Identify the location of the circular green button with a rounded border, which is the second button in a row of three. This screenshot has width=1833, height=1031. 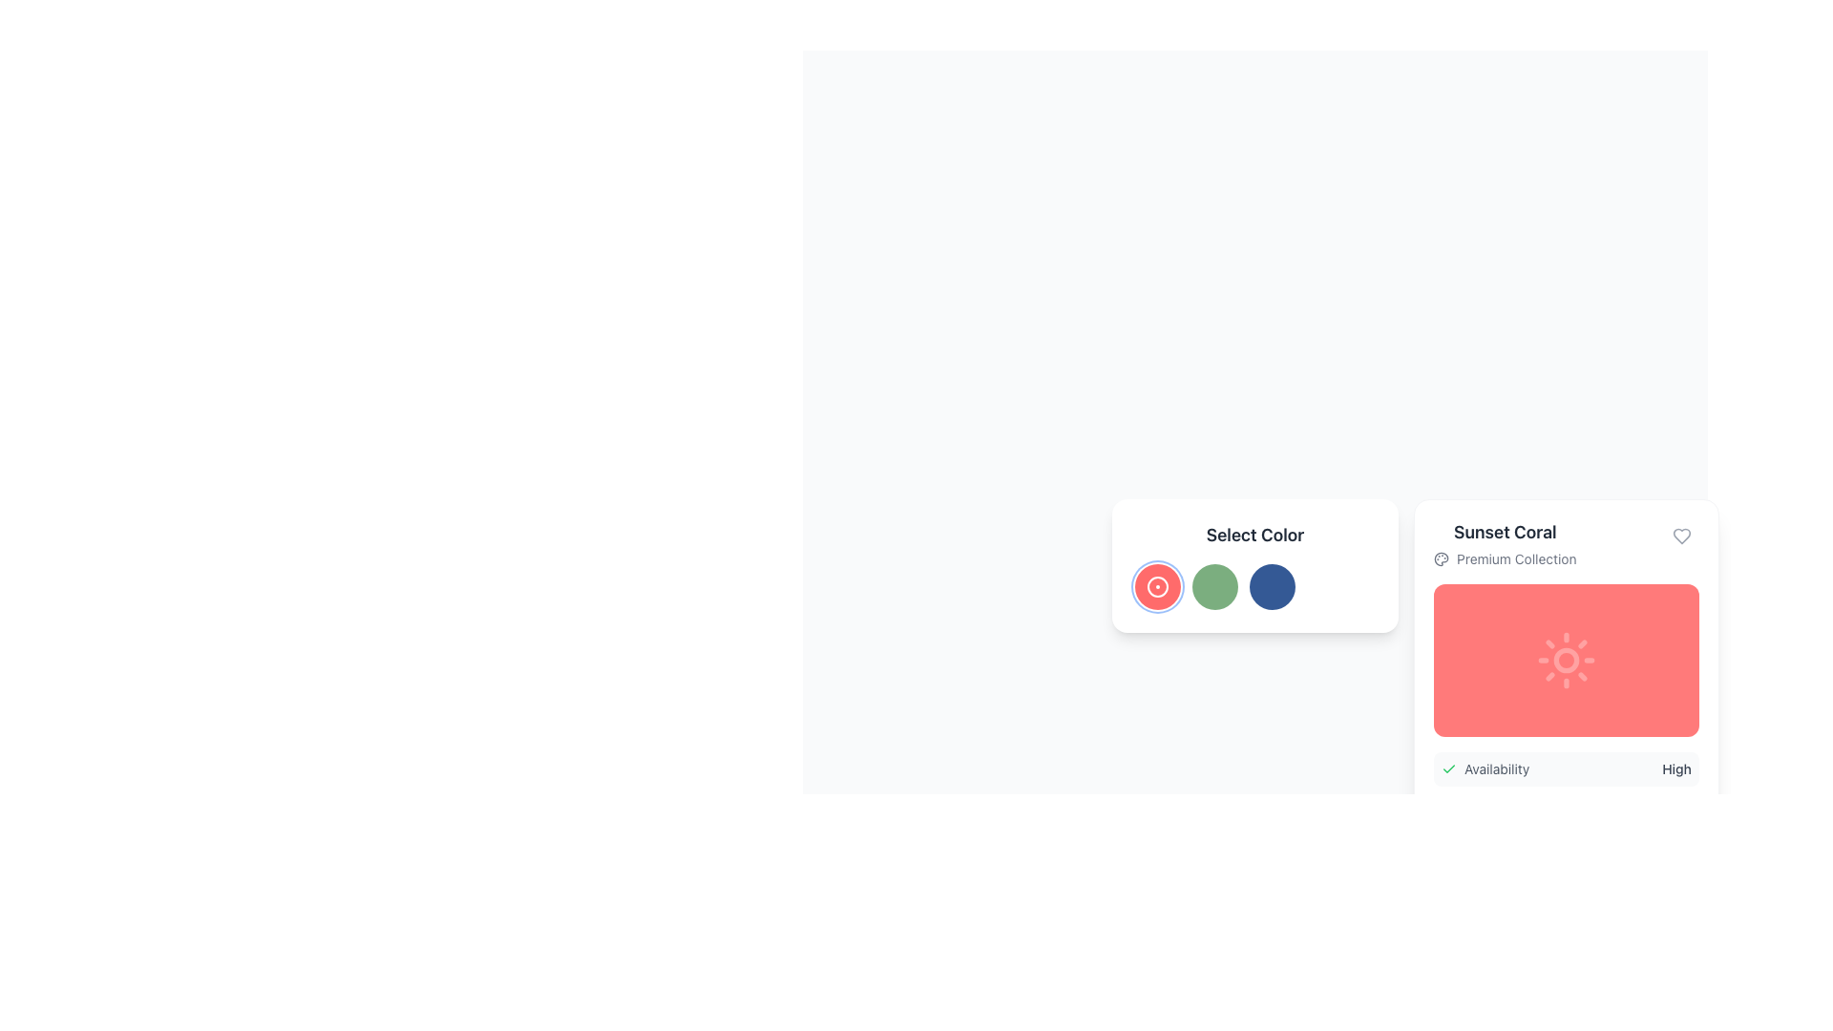
(1213, 585).